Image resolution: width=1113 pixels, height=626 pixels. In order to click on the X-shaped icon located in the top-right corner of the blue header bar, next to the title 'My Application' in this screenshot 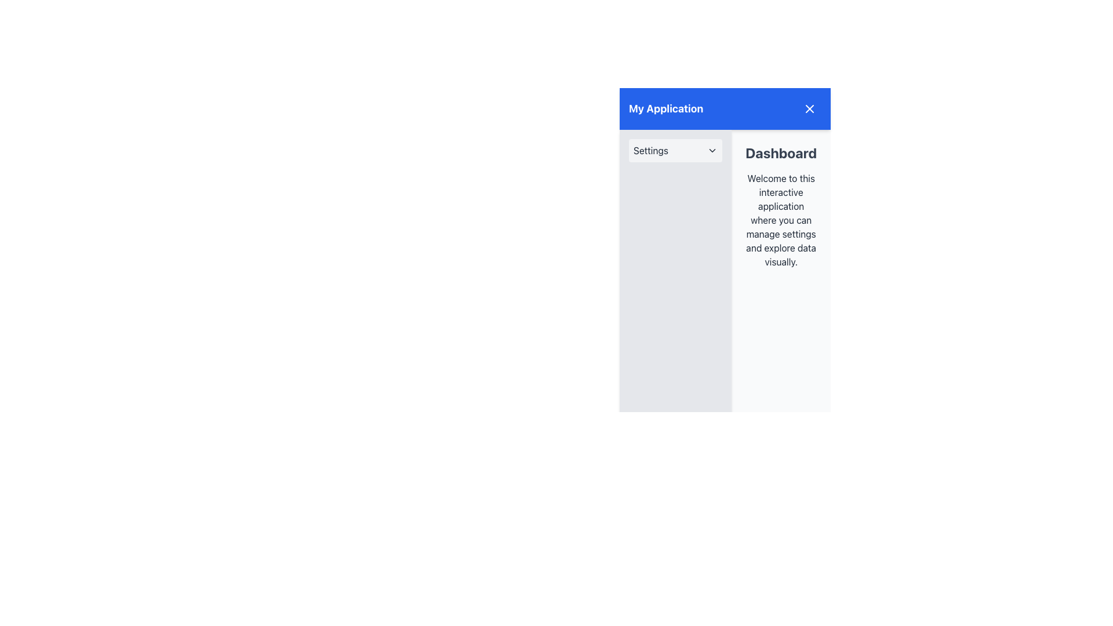, I will do `click(809, 109)`.